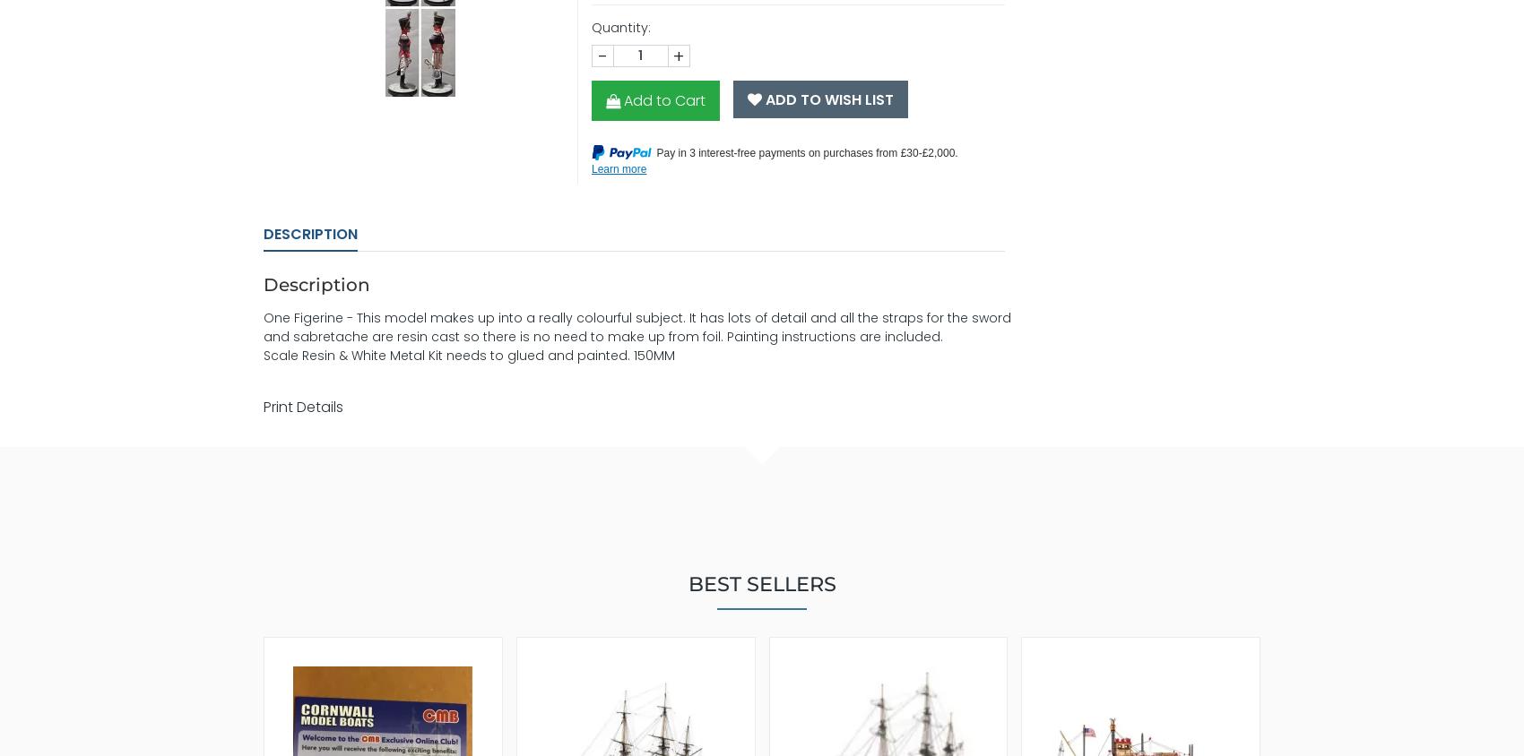 This screenshot has width=1524, height=756. Describe the element at coordinates (602, 55) in the screenshot. I see `'-'` at that location.